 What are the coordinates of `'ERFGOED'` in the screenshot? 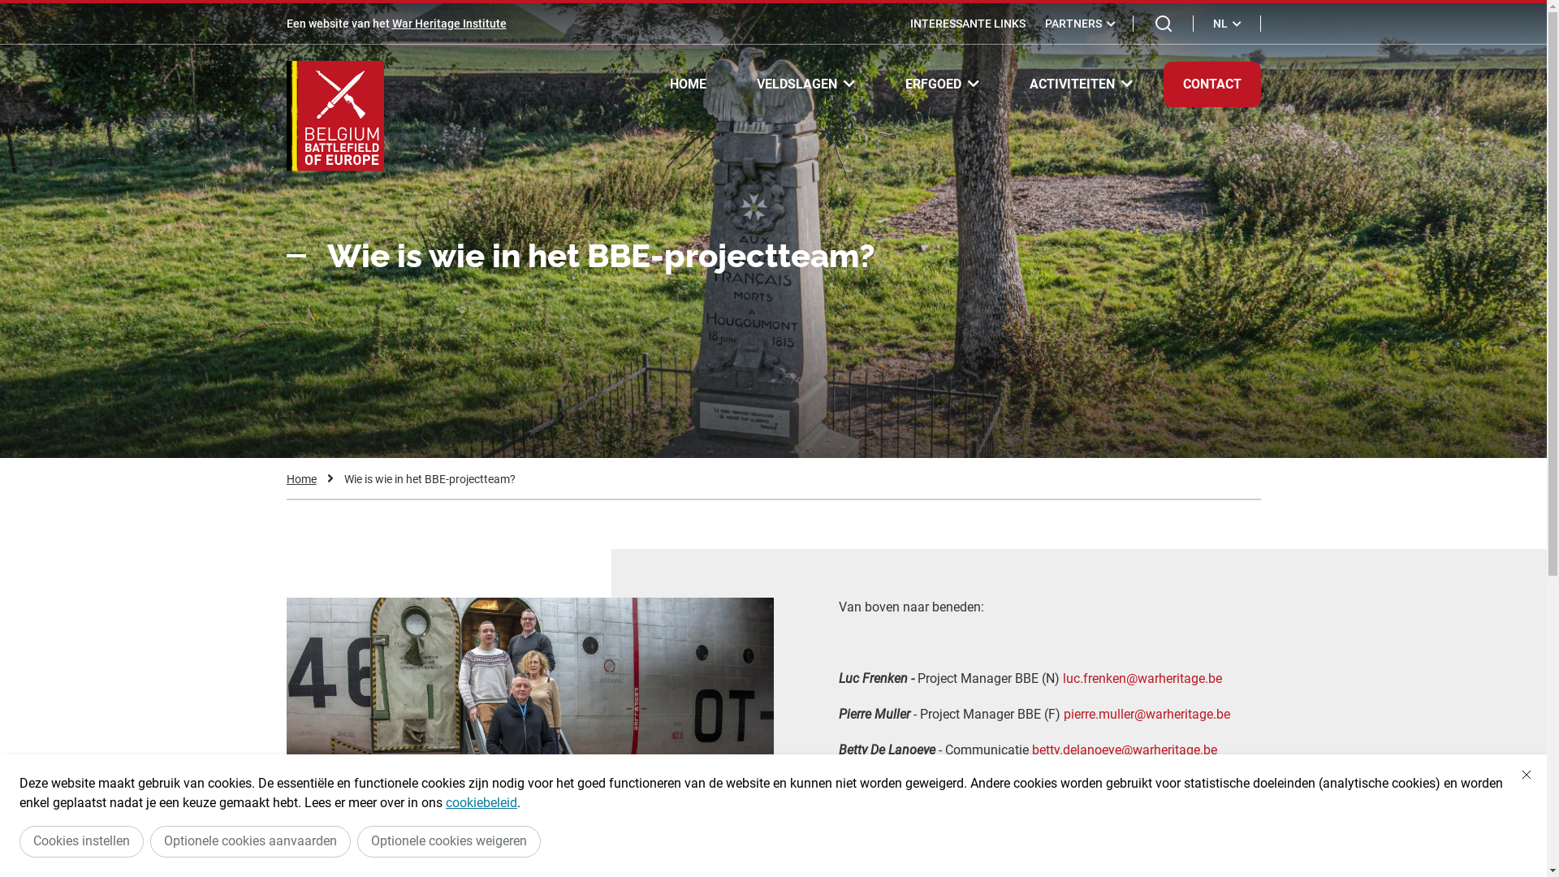 It's located at (941, 84).